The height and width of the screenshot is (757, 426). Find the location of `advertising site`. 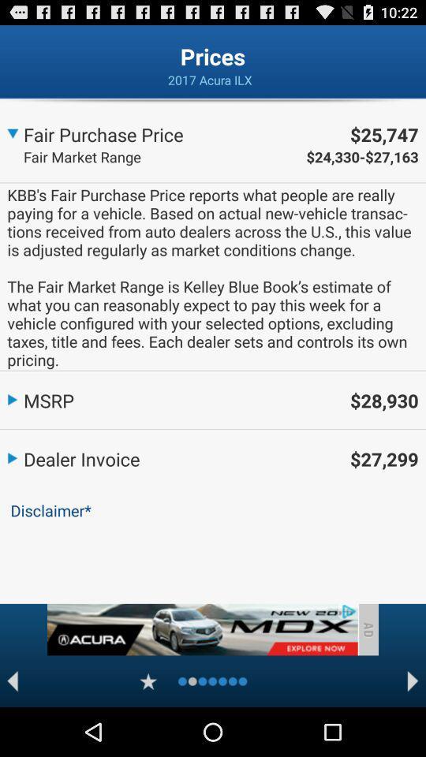

advertising site is located at coordinates (202, 629).